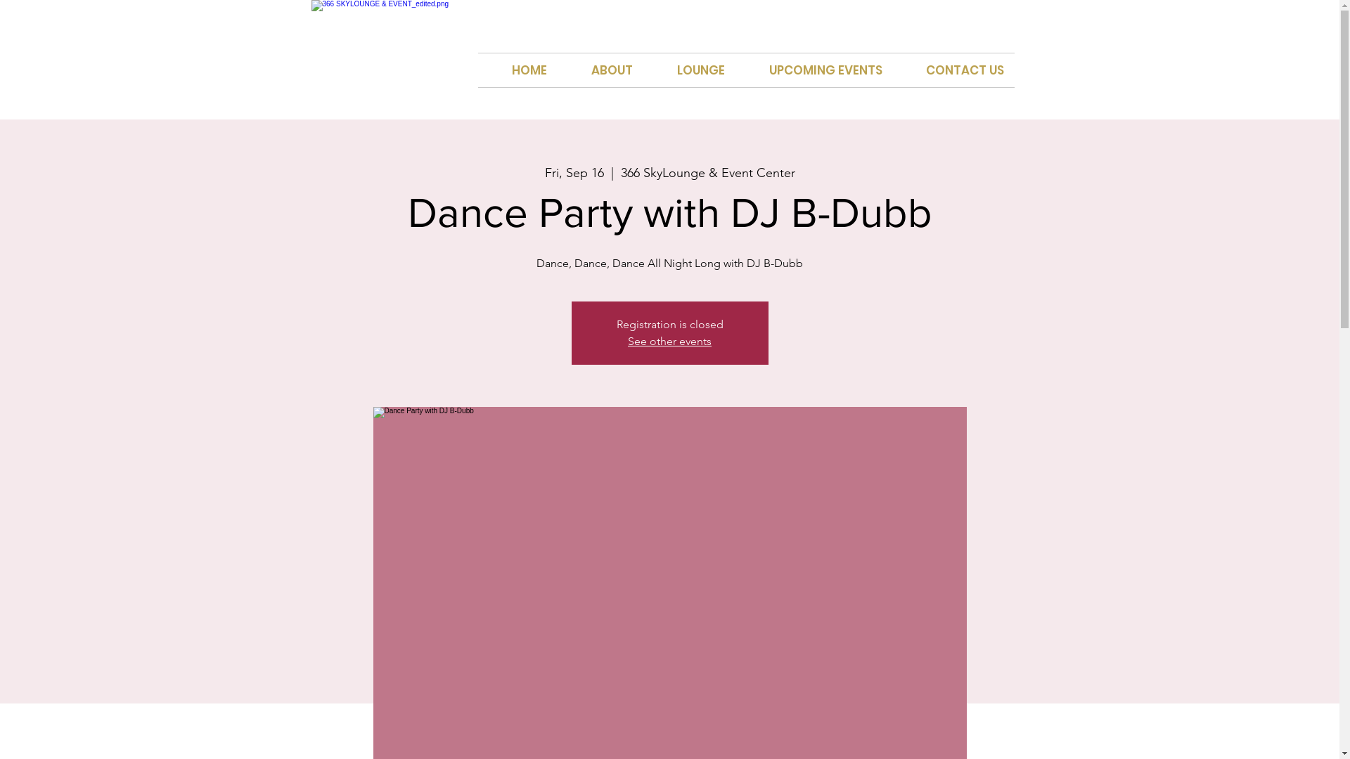  What do you see at coordinates (953, 70) in the screenshot?
I see `'CONTACT US'` at bounding box center [953, 70].